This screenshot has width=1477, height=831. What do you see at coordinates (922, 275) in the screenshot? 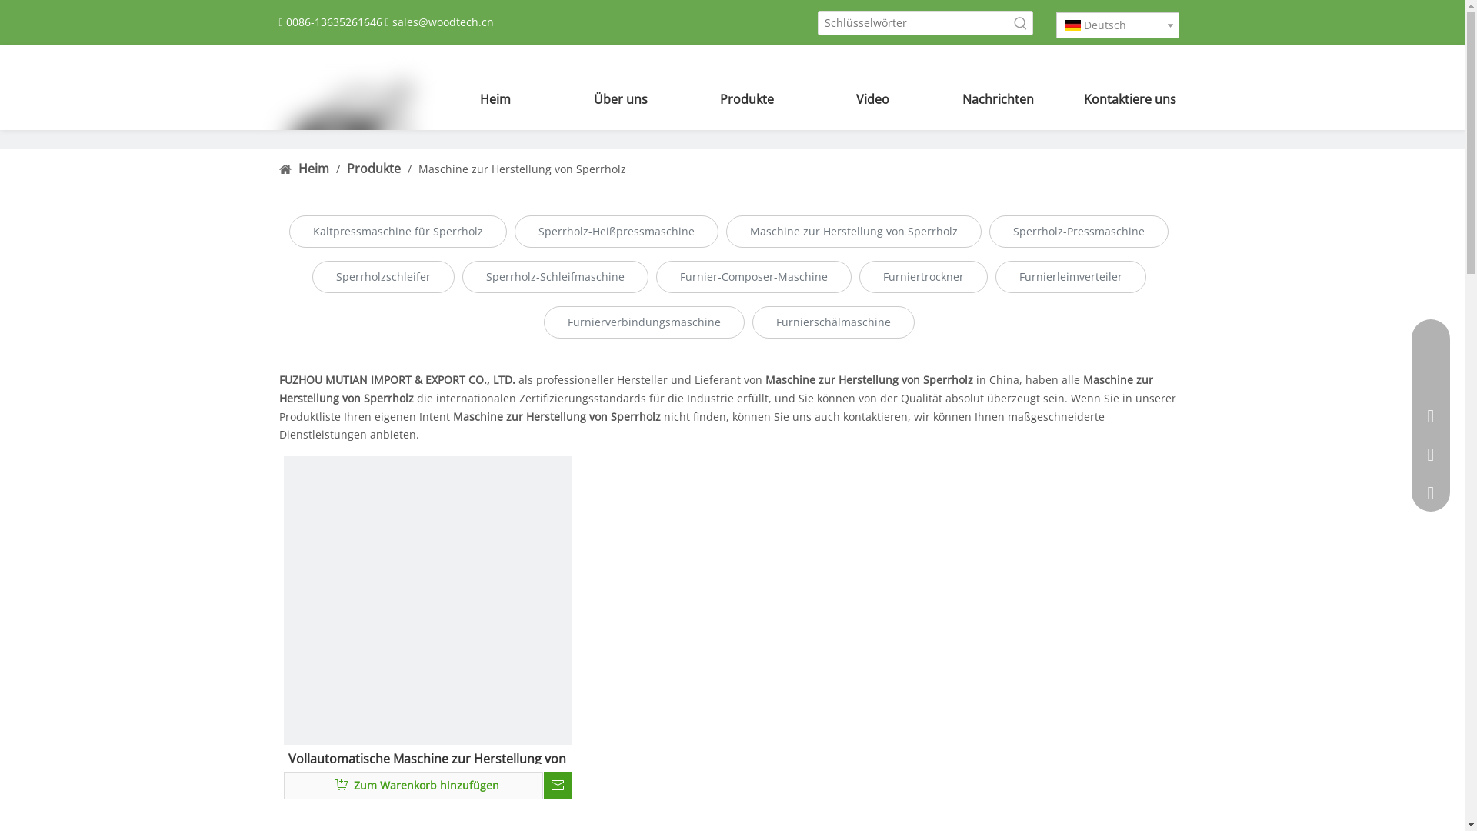
I see `'Furniertrockner'` at bounding box center [922, 275].